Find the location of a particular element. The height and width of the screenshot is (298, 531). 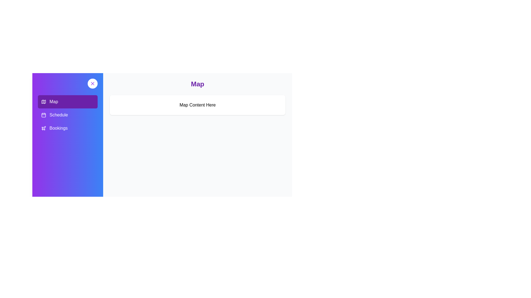

the Bookings tab to observe its visual feedback is located at coordinates (67, 128).